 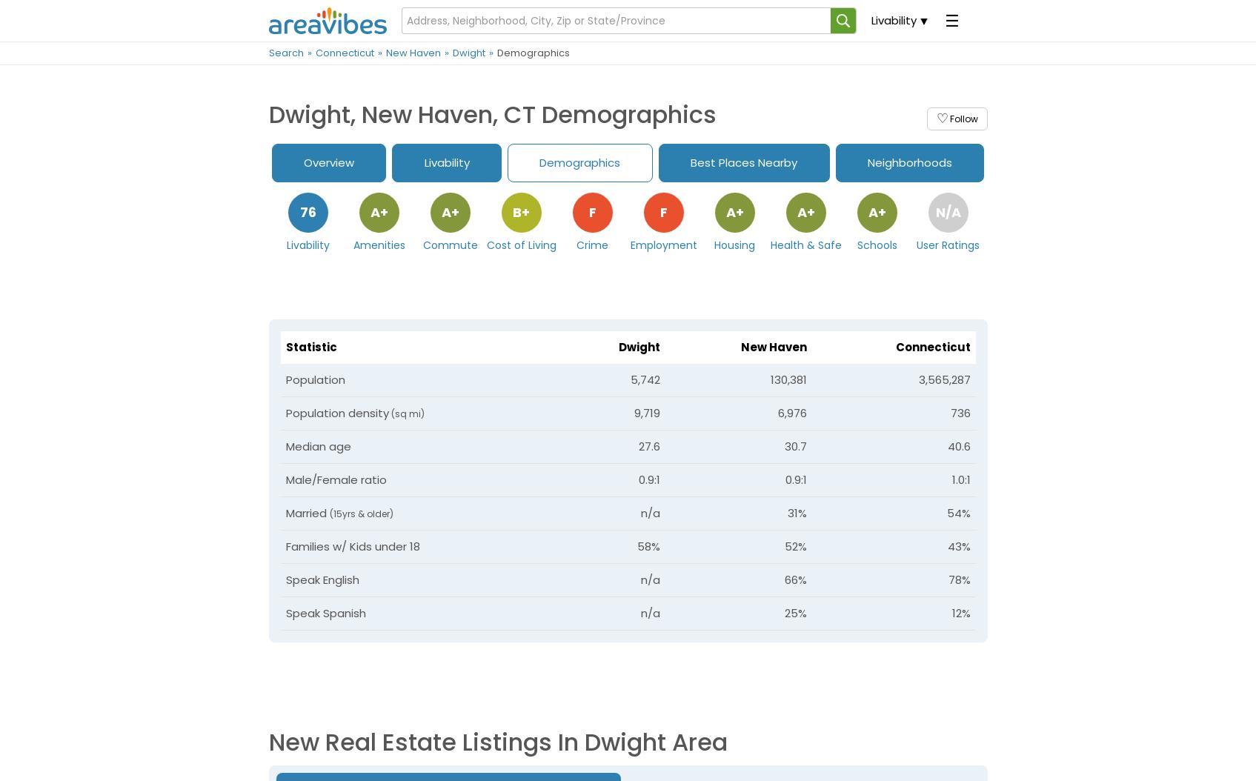 What do you see at coordinates (328, 162) in the screenshot?
I see `'Overview'` at bounding box center [328, 162].